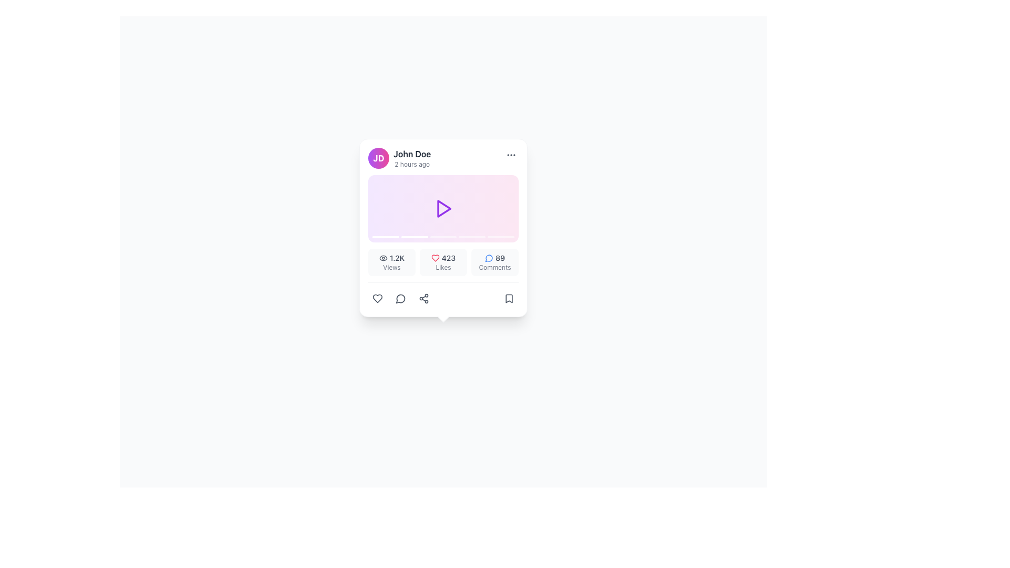 This screenshot has width=1010, height=568. Describe the element at coordinates (378, 298) in the screenshot. I see `the clickable icon button located at the bottom-left corner of the card-like UI component` at that location.